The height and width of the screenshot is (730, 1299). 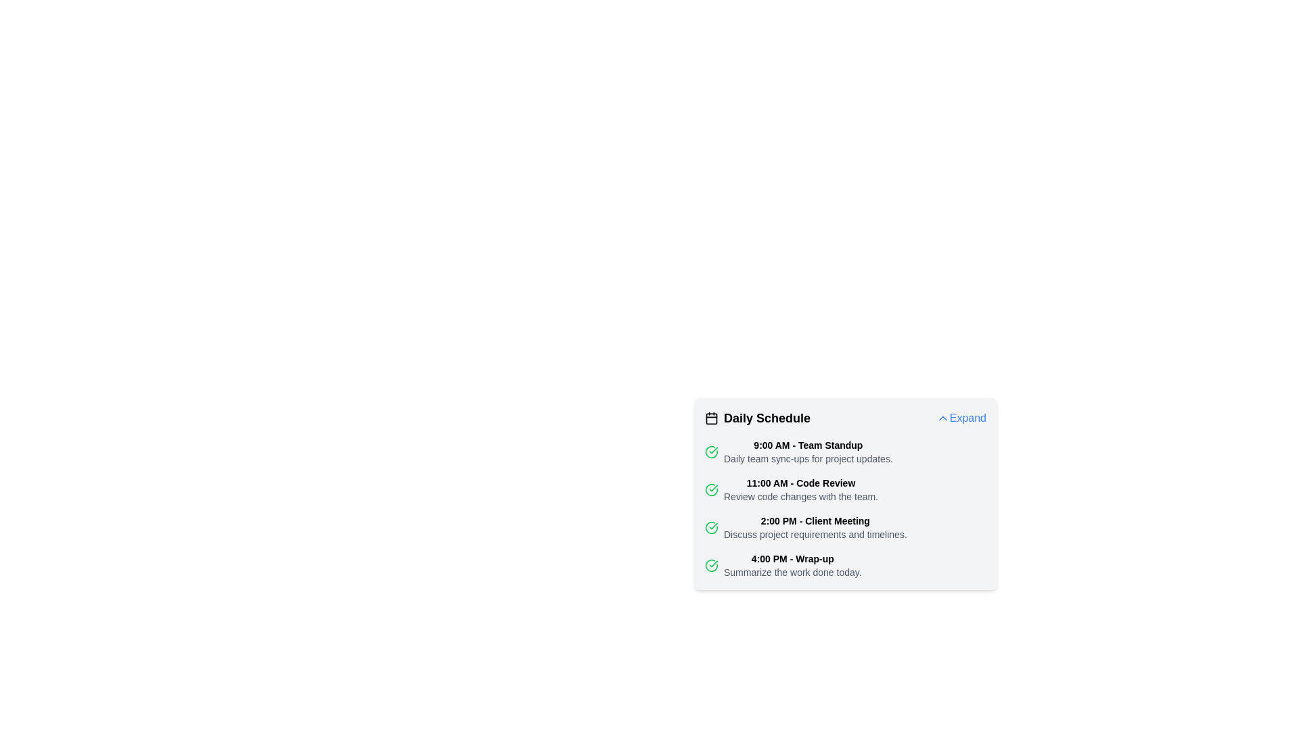 I want to click on the schedule entry that displays '11:00 AM - Code Review' with a green checkmark, so click(x=844, y=490).